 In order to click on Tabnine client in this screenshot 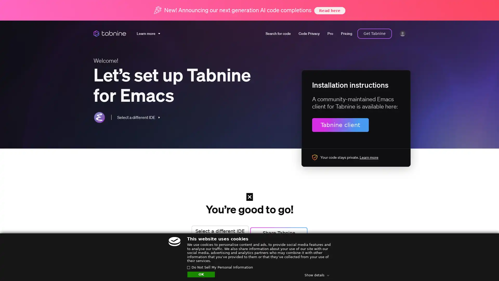, I will do `click(340, 125)`.